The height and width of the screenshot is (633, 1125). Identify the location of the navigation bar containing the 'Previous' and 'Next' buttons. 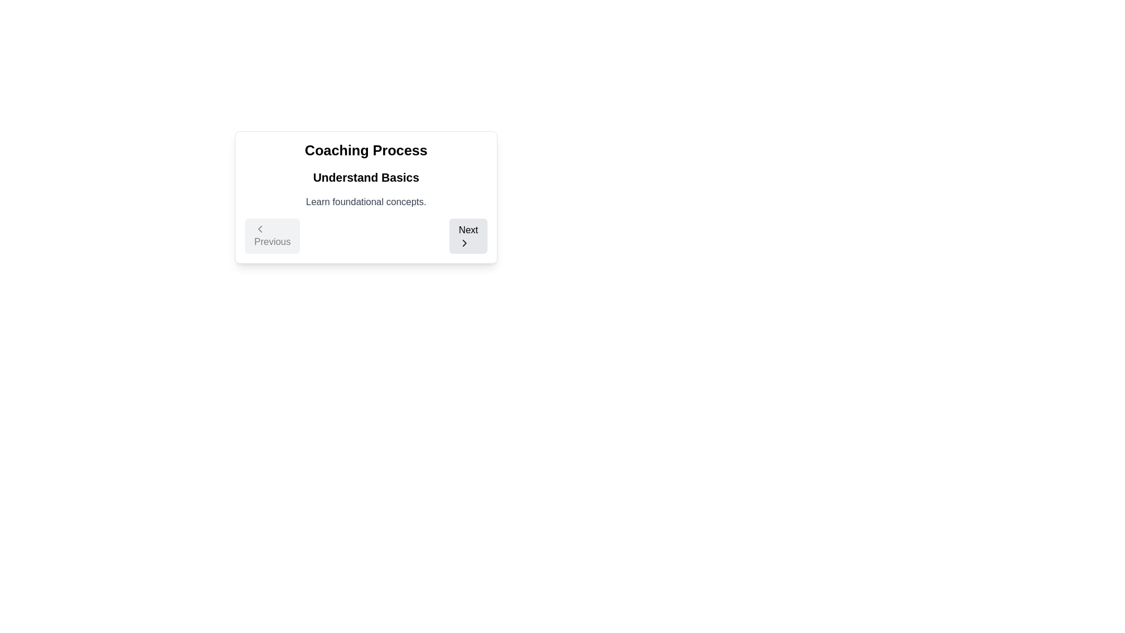
(365, 236).